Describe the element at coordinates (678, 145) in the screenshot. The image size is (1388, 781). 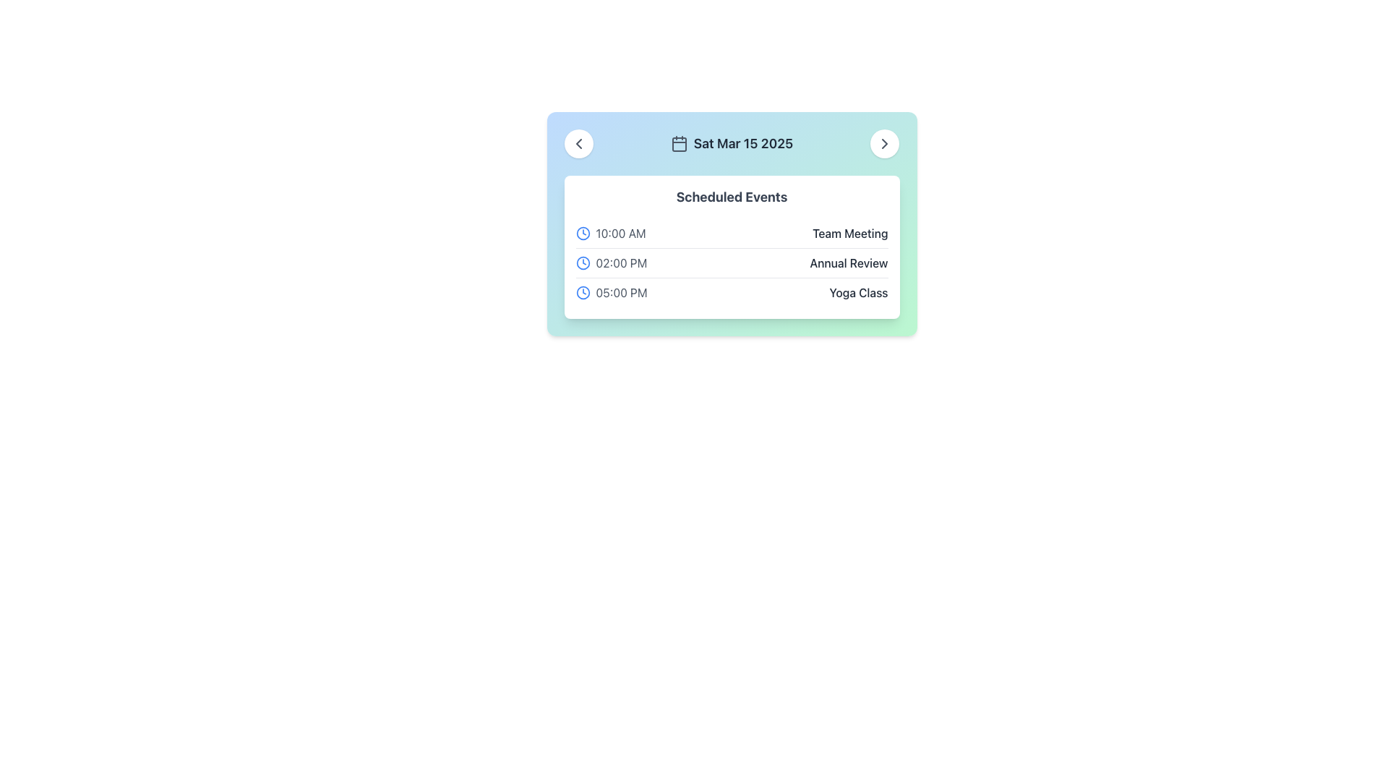
I see `the central rectangular area of the calendar icon represented by the SVG element, which is part of the visual design for scheduling functionalities` at that location.